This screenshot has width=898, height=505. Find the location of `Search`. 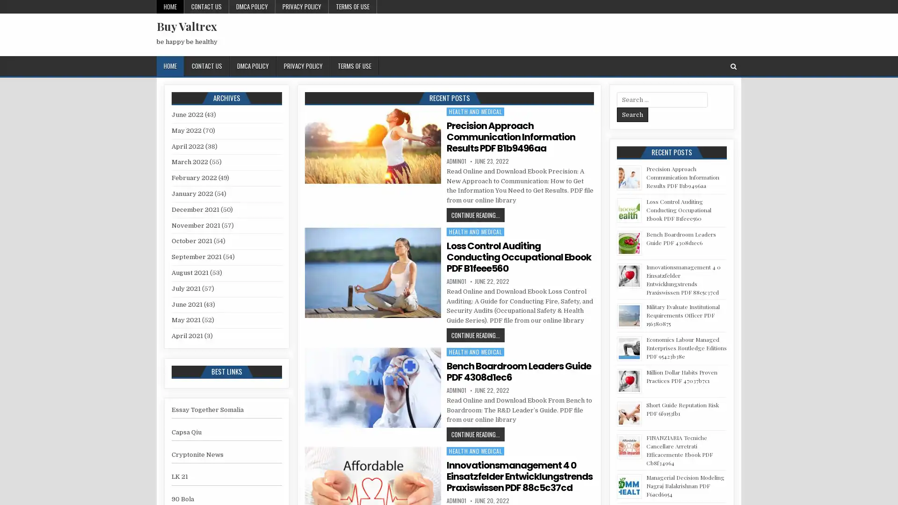

Search is located at coordinates (632, 114).